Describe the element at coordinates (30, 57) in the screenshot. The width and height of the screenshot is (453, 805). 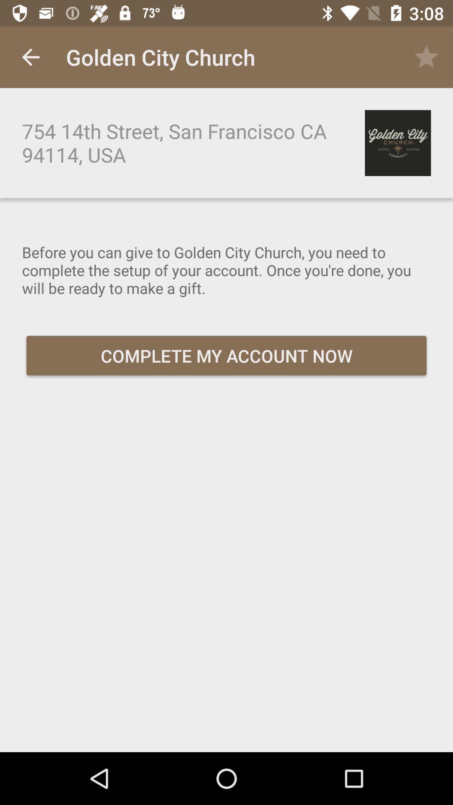
I see `the icon next to golden city church` at that location.